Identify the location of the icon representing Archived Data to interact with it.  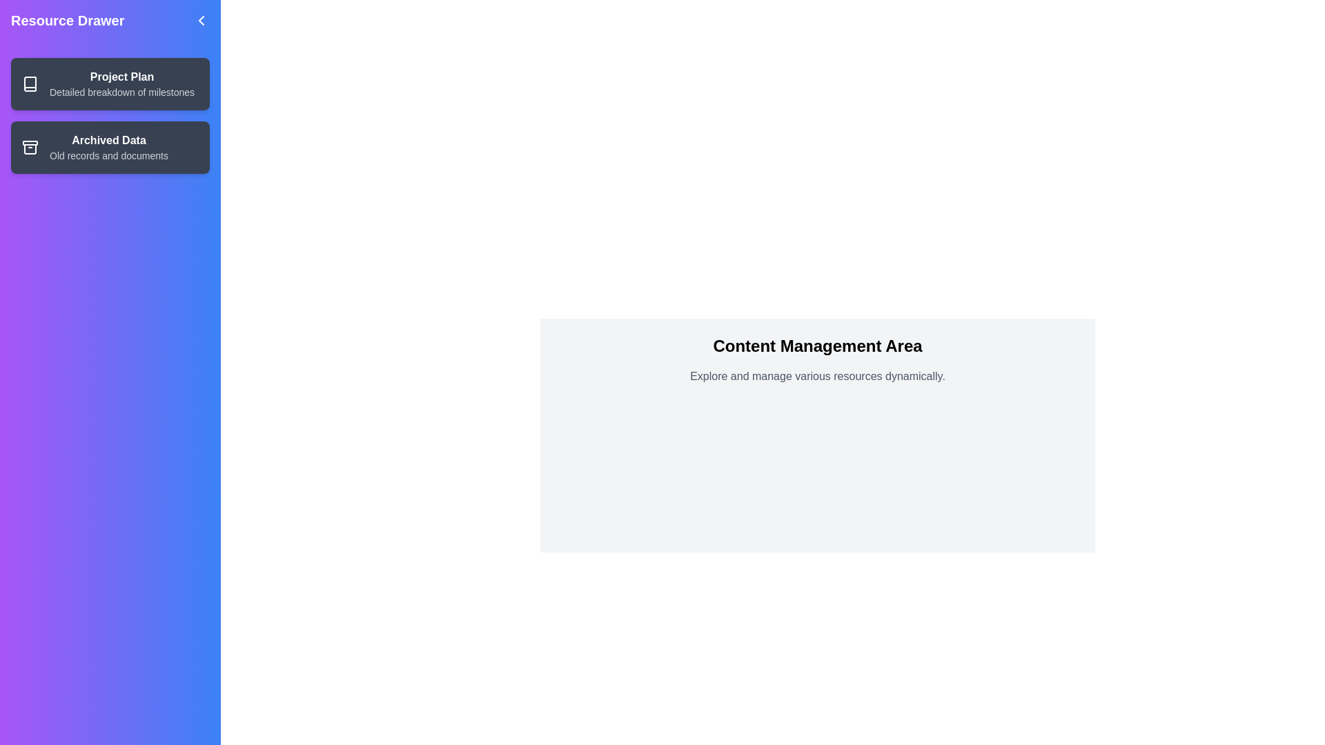
(30, 147).